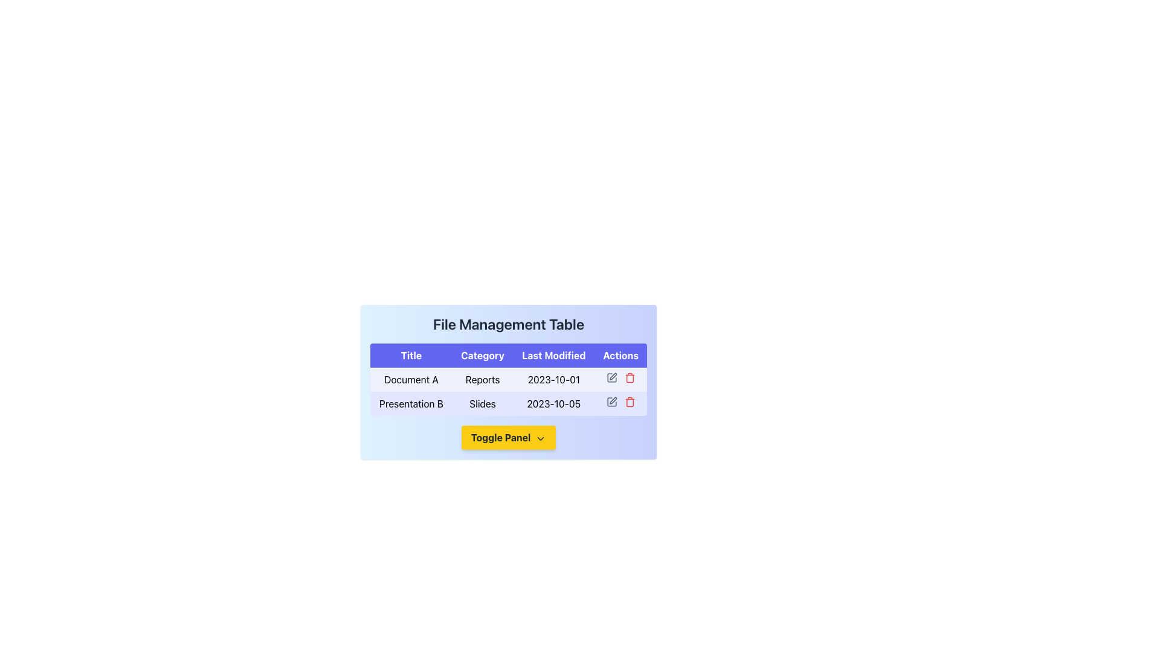 The width and height of the screenshot is (1160, 652). Describe the element at coordinates (620, 355) in the screenshot. I see `the fourth column header of the 'File Management Table', which is located to the right of 'Last Modified'` at that location.